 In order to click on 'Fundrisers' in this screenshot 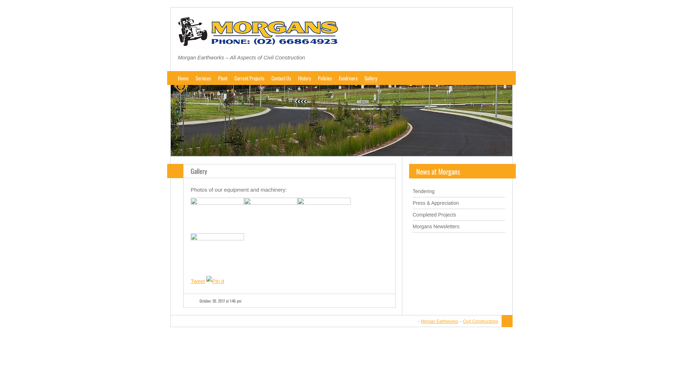, I will do `click(348, 78)`.